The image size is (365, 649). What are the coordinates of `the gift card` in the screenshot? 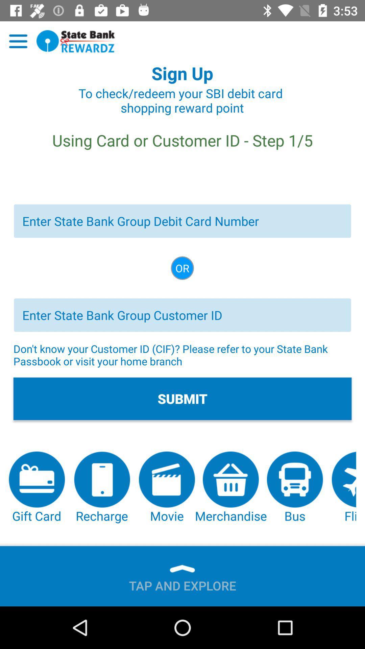 It's located at (37, 488).